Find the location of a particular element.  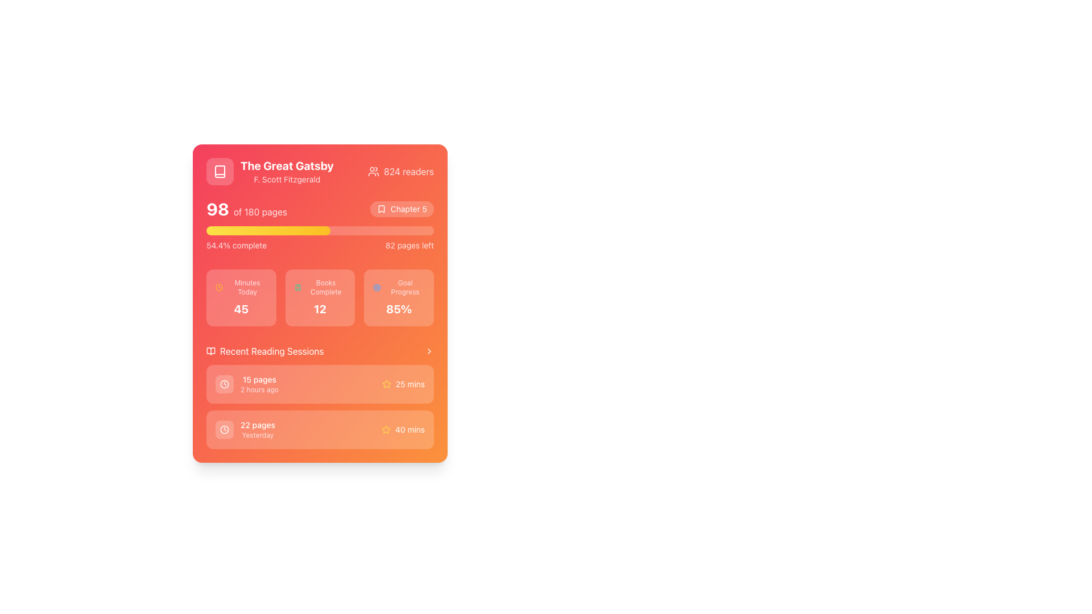

the star icon positioned under the 'Recent Reading Sessions' section, to the immediate left of the text '40 mins' is located at coordinates (386, 430).